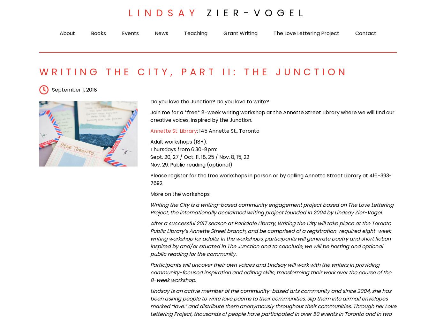 This screenshot has width=436, height=319. I want to click on 'Grant Writing', so click(223, 33).